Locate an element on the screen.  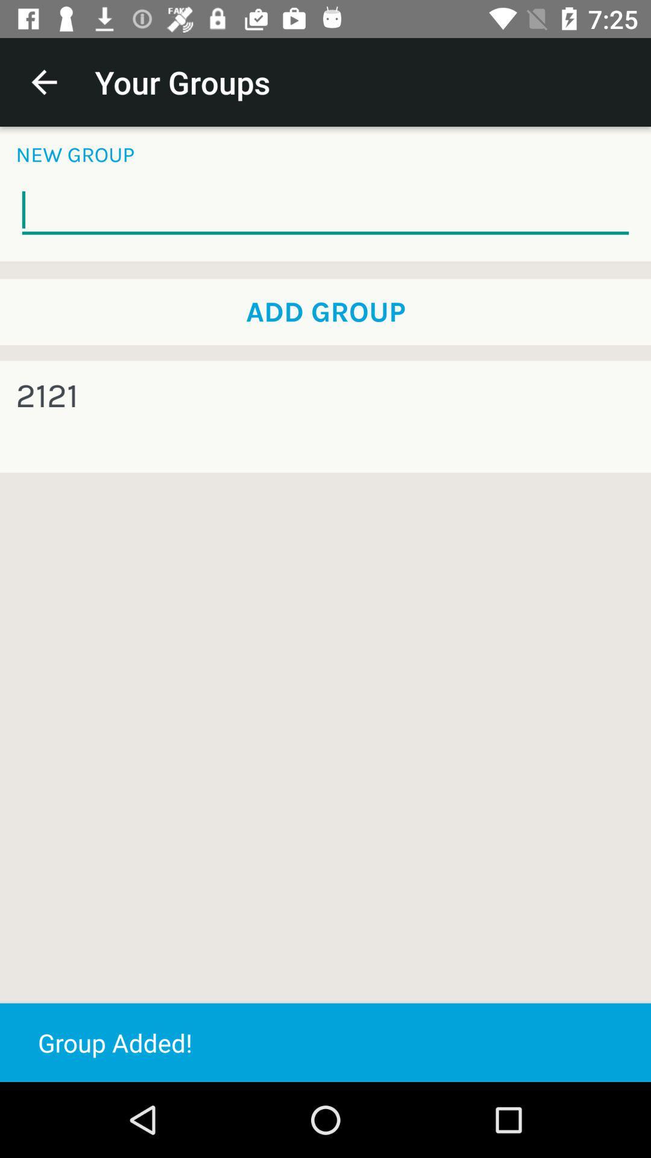
add group is located at coordinates (325, 312).